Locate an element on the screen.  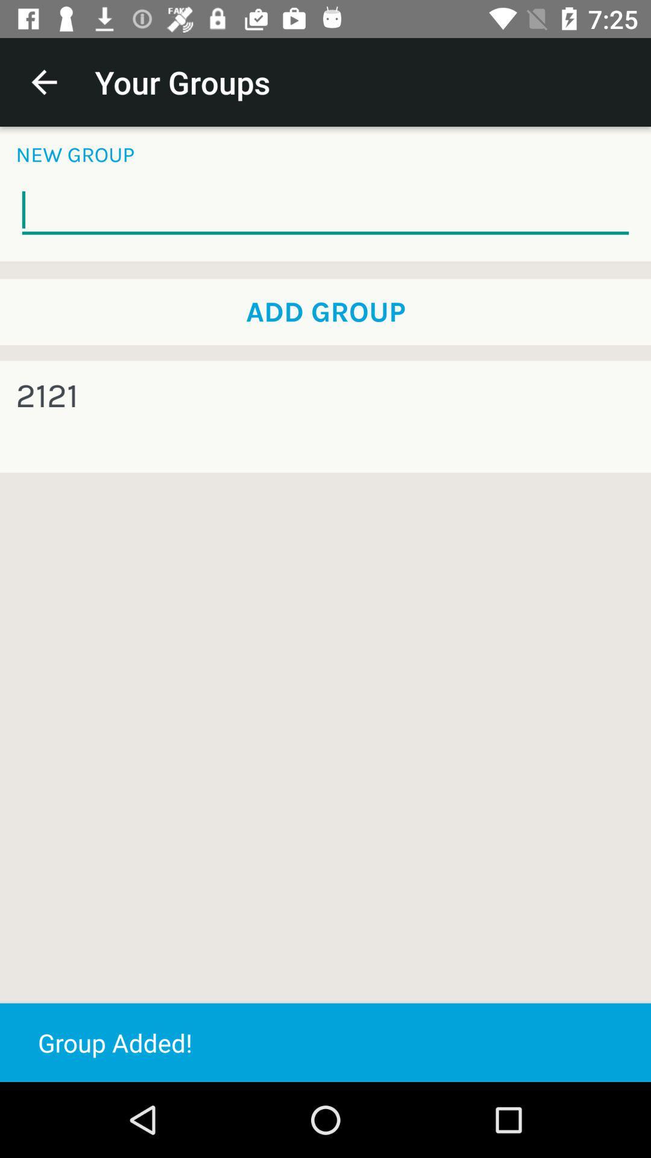
add group is located at coordinates (325, 312).